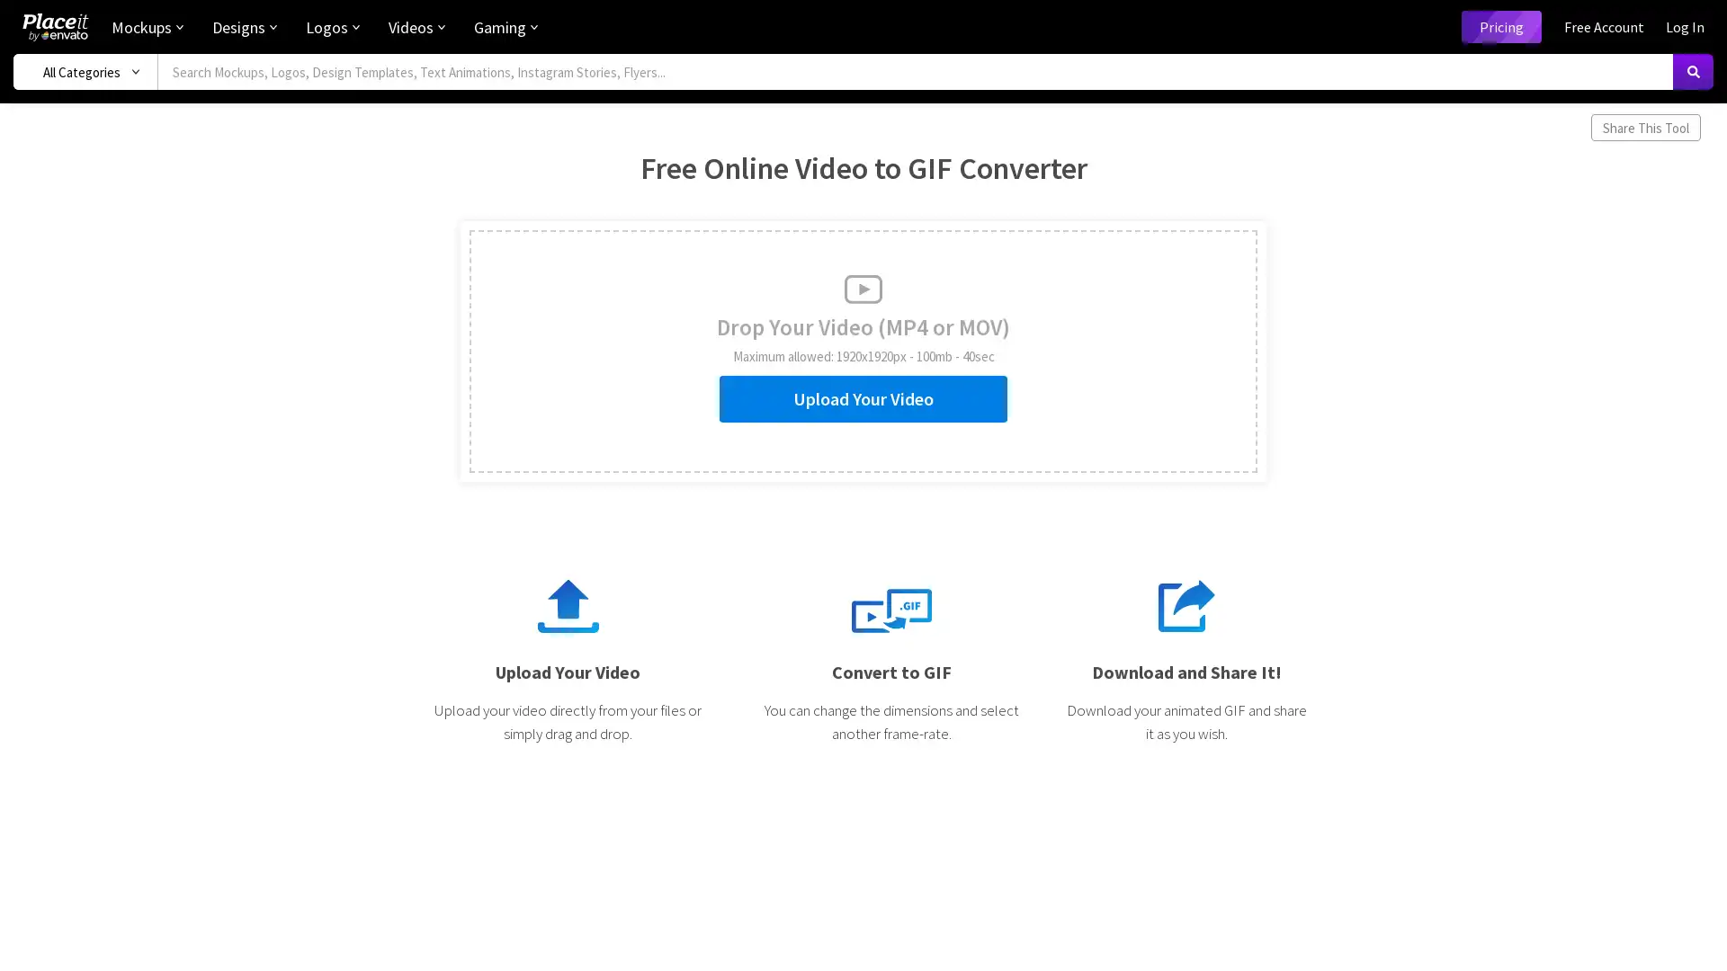  What do you see at coordinates (499, 380) in the screenshot?
I see `Upload Your Video Here` at bounding box center [499, 380].